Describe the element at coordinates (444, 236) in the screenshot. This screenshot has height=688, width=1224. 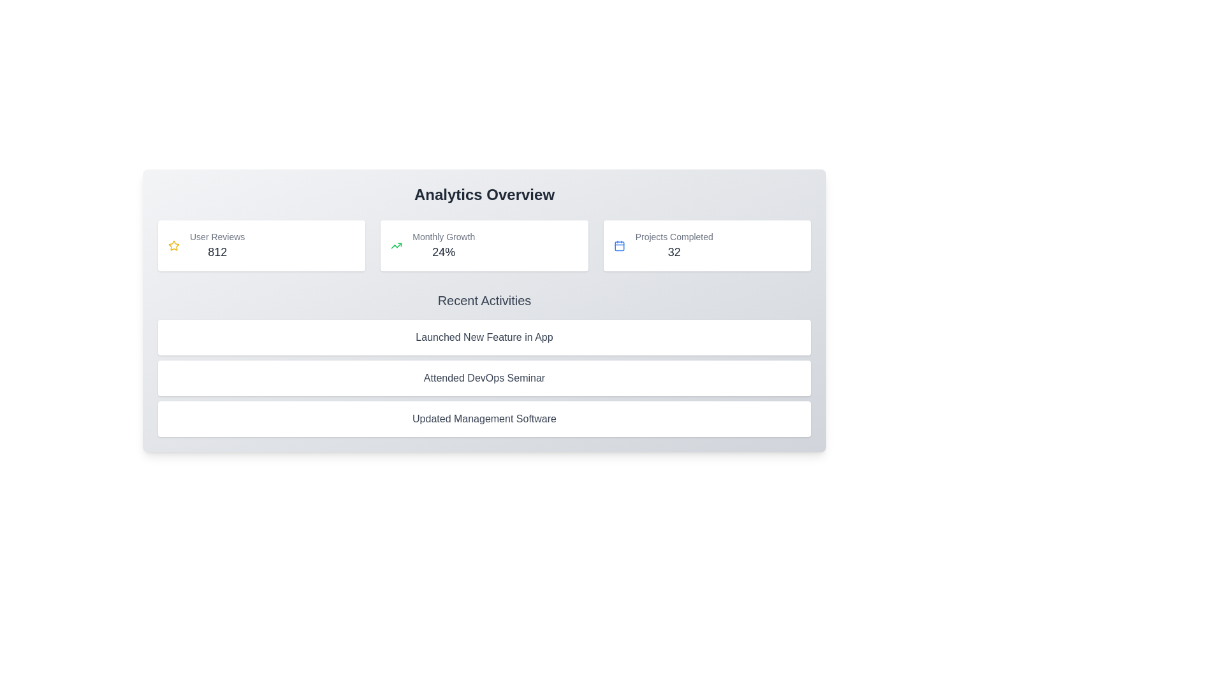
I see `the association of the 'Monthly Growth' label with the '24%' metric` at that location.